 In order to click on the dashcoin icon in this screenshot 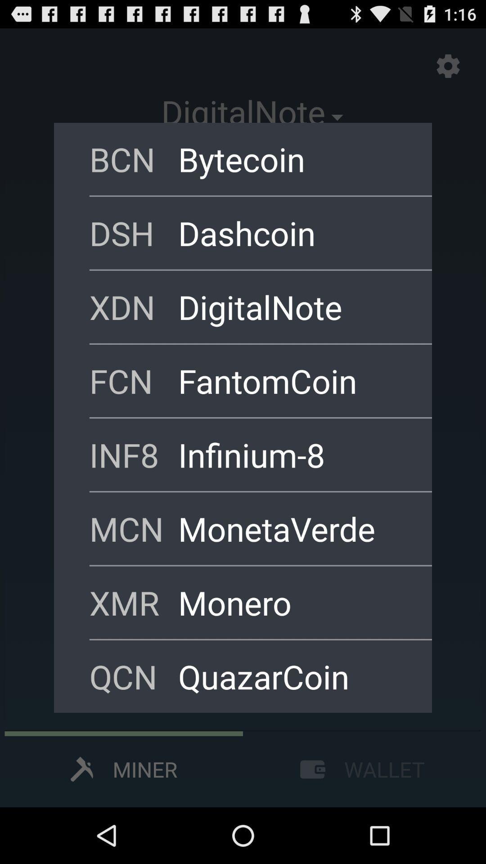, I will do `click(293, 233)`.